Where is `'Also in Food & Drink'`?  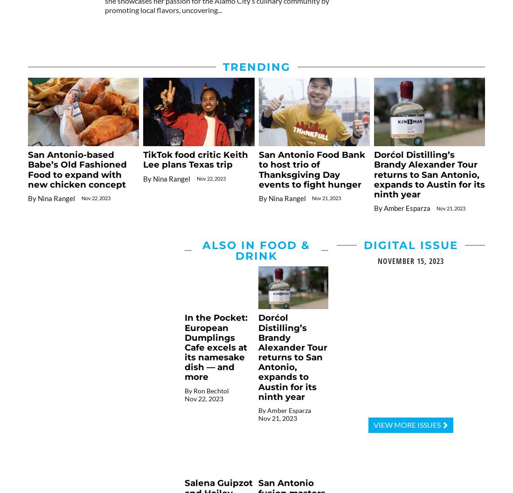
'Also in Food & Drink' is located at coordinates (256, 250).